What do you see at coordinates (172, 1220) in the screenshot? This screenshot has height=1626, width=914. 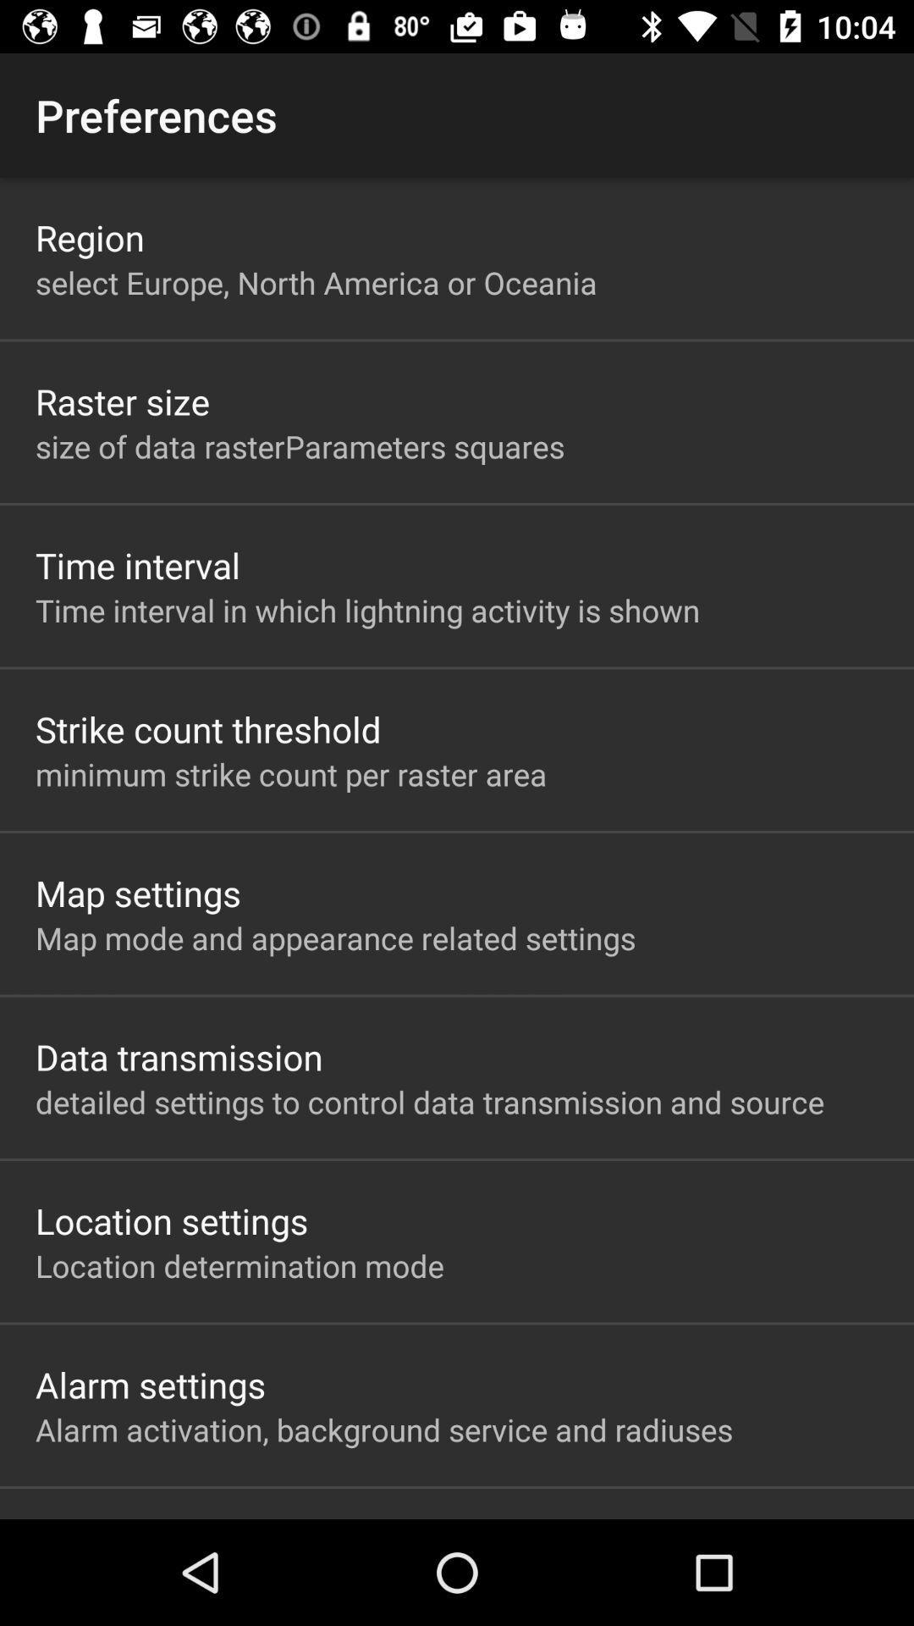 I see `icon below the detailed settings to item` at bounding box center [172, 1220].